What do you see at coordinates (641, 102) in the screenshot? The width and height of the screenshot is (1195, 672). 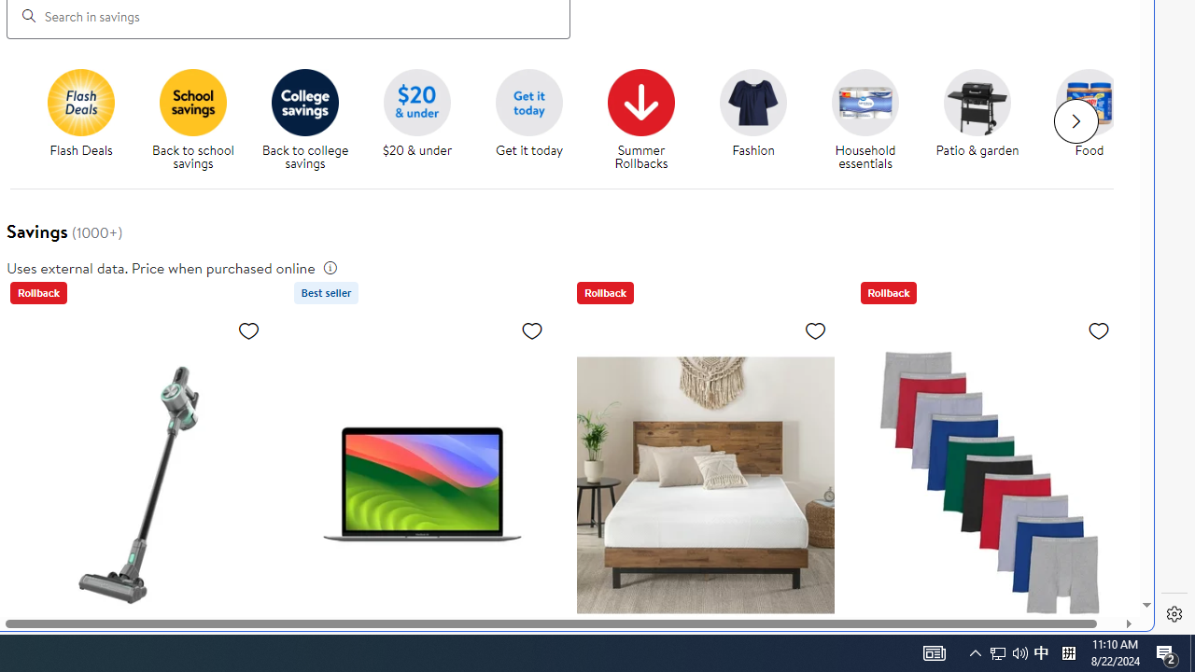 I see `'Summer Rollbacks'` at bounding box center [641, 102].